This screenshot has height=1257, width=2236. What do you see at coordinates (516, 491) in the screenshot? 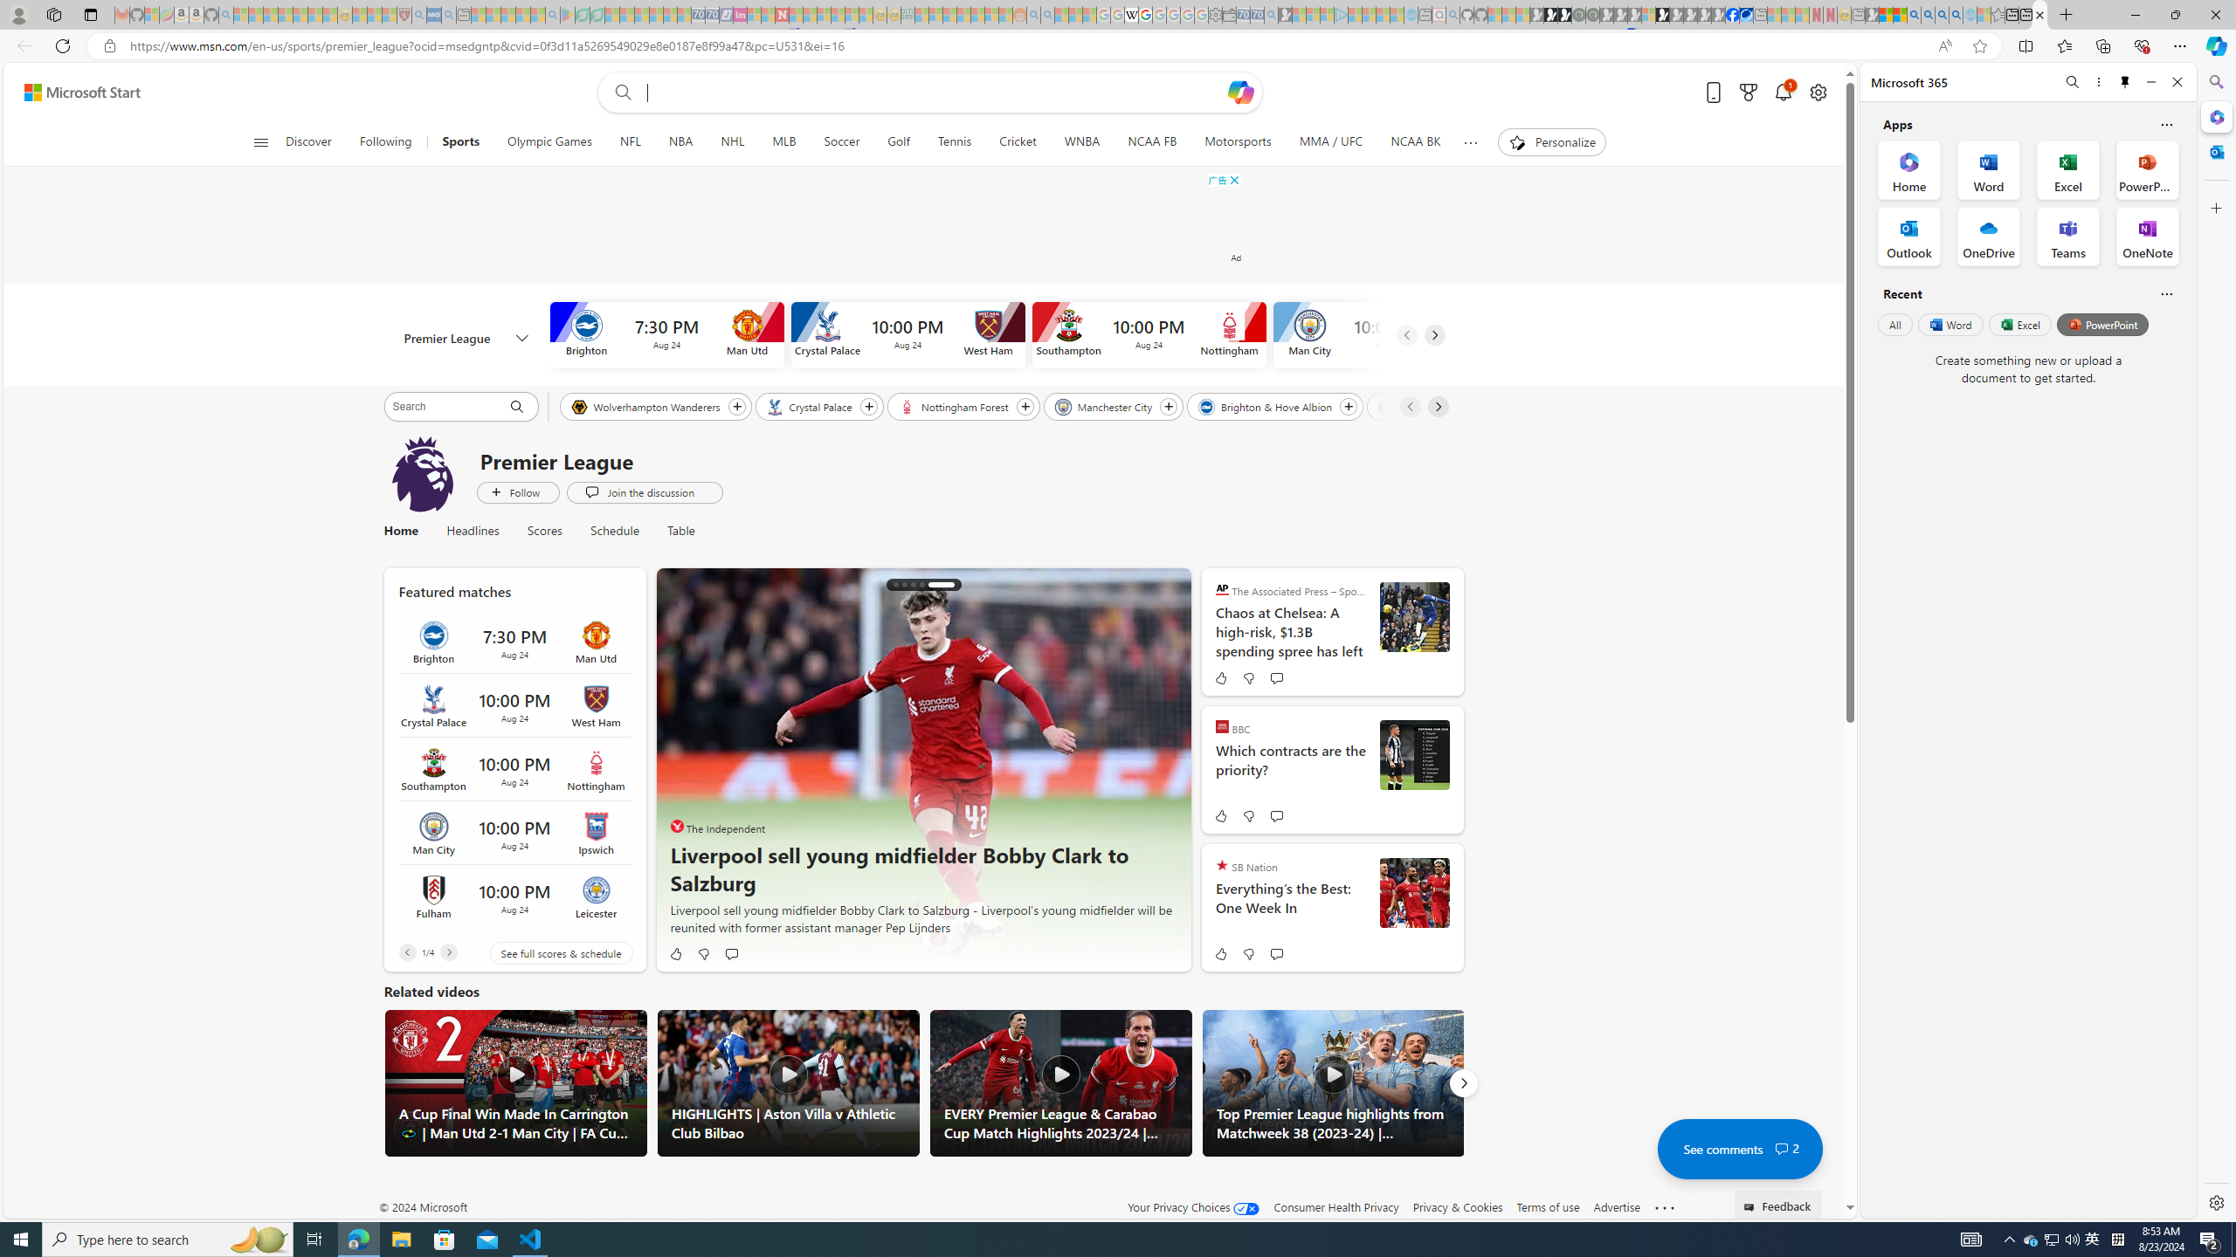
I see `'Follow Premier League 2024-2025'` at bounding box center [516, 491].